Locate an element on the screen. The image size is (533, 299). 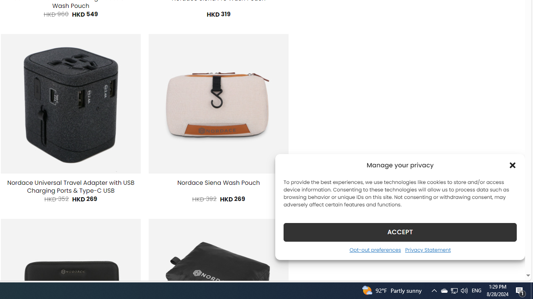
'ACCEPT' is located at coordinates (400, 232).